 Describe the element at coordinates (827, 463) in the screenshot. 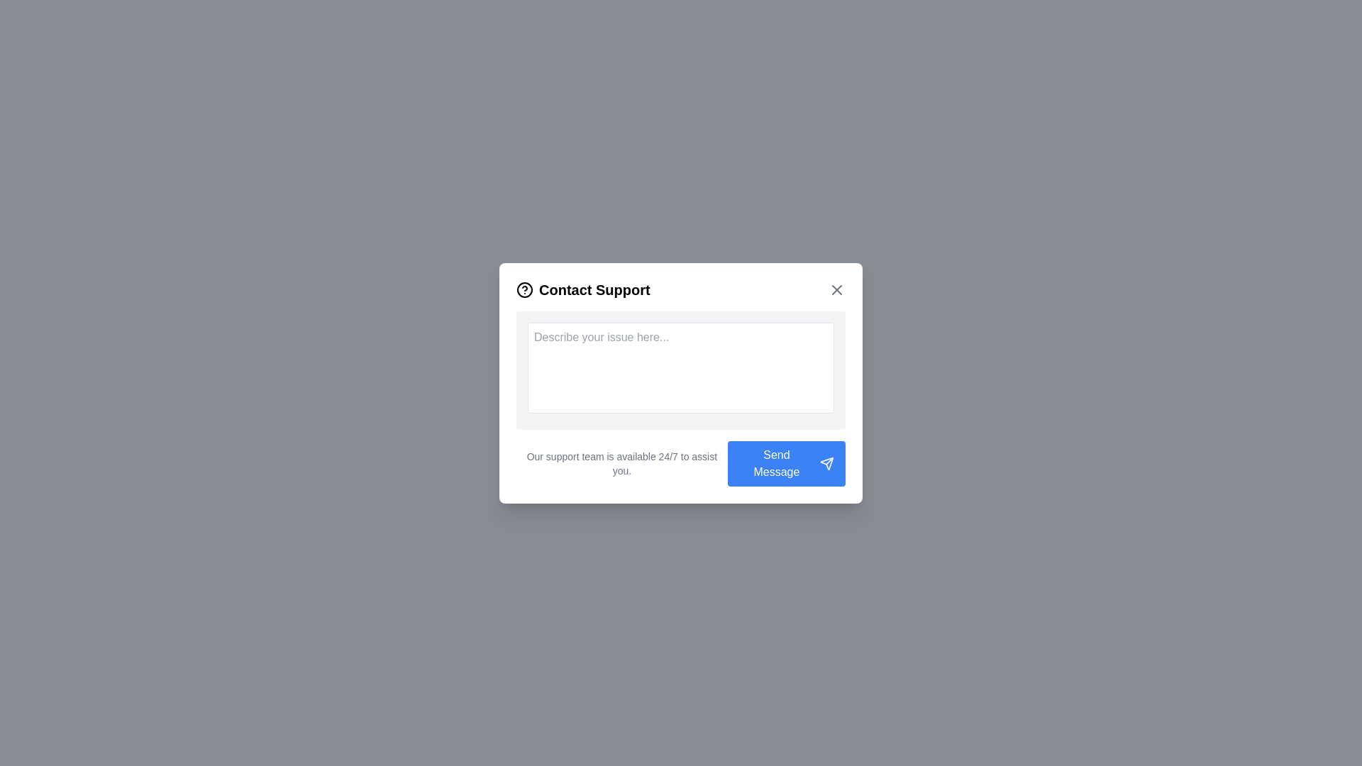

I see `the decorative message send icon located to the right of the 'Send Message' button in the bottom right corner of the modal dialog box to trigger its hover state` at that location.